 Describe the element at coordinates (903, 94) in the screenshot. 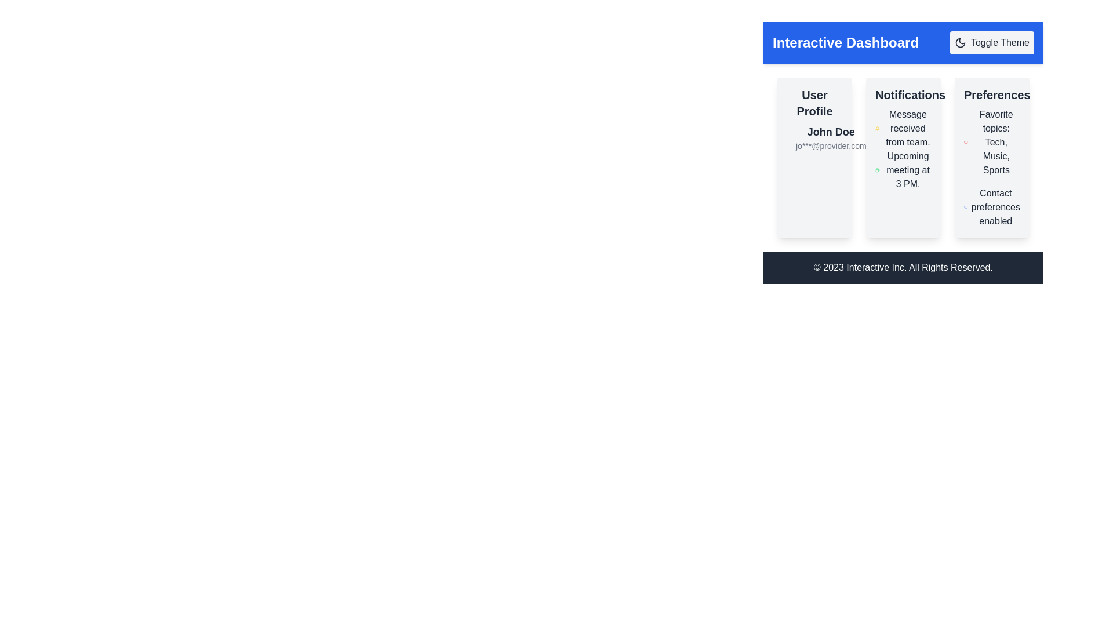

I see `the header text that labels the notification card, located at the top of the second card from the left in the interface` at that location.